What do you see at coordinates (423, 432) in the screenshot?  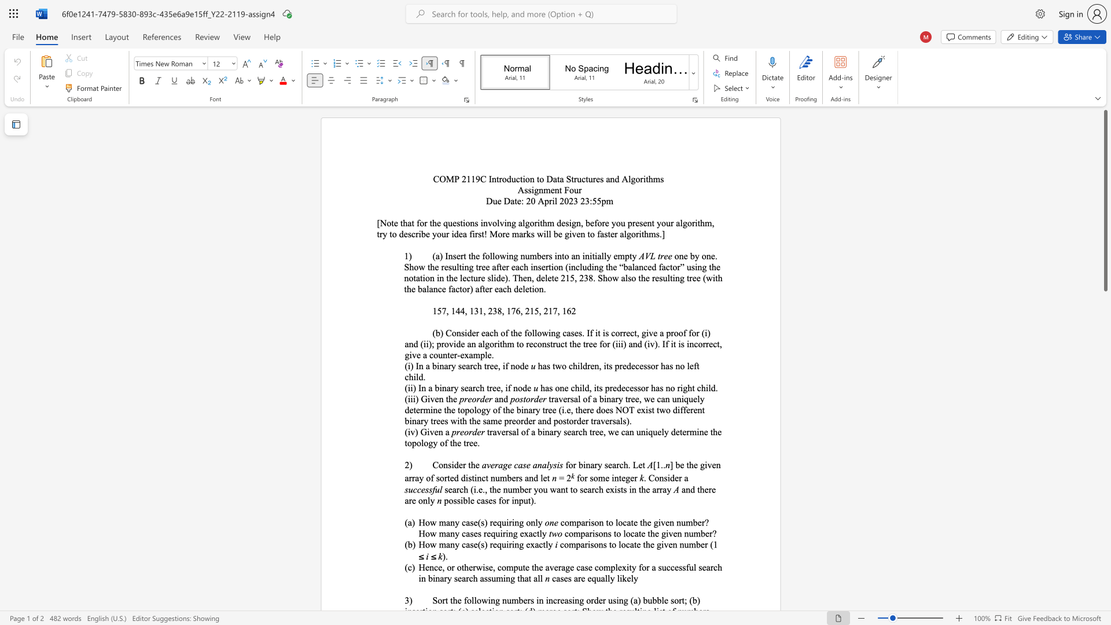 I see `the 1th character "G" in the text` at bounding box center [423, 432].